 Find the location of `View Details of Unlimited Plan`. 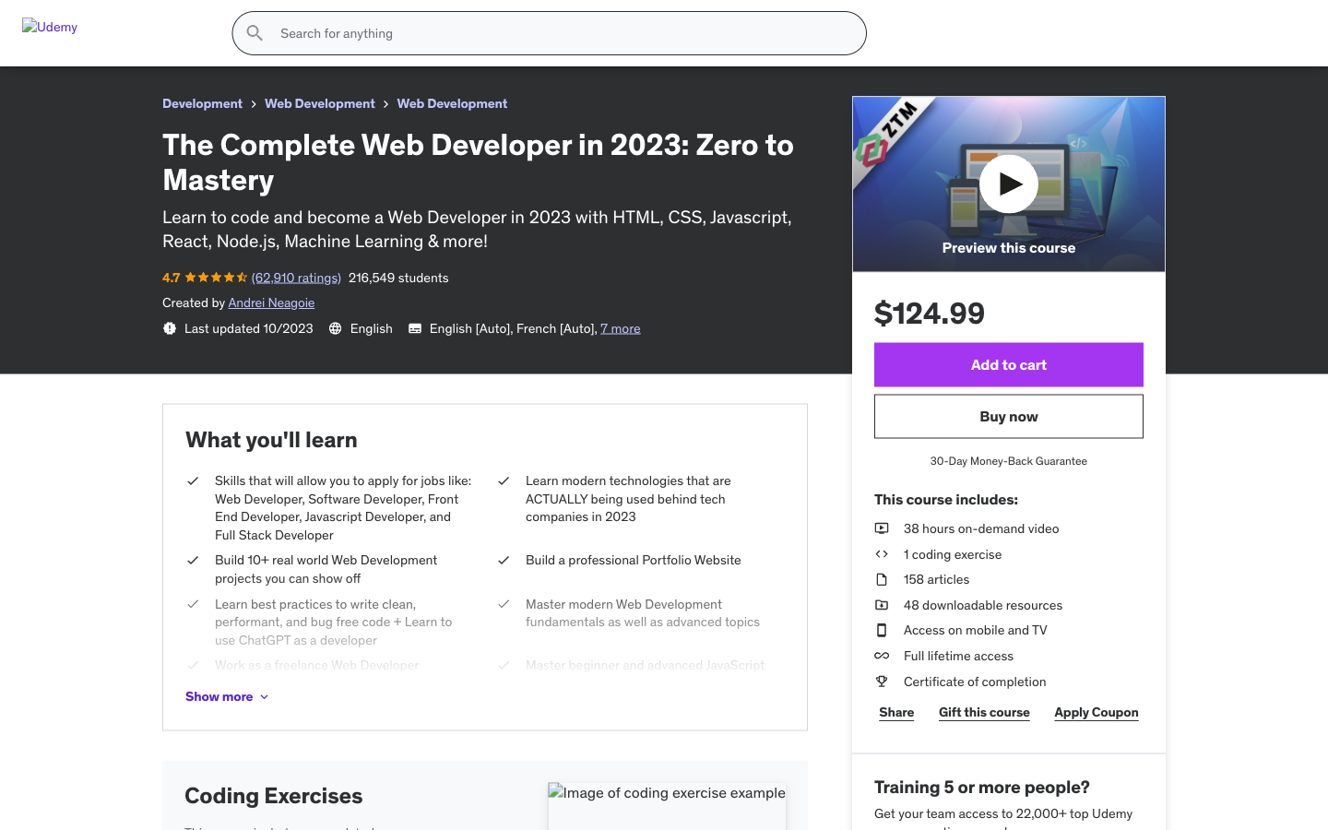

View Details of Unlimited Plan is located at coordinates (1106, 523).